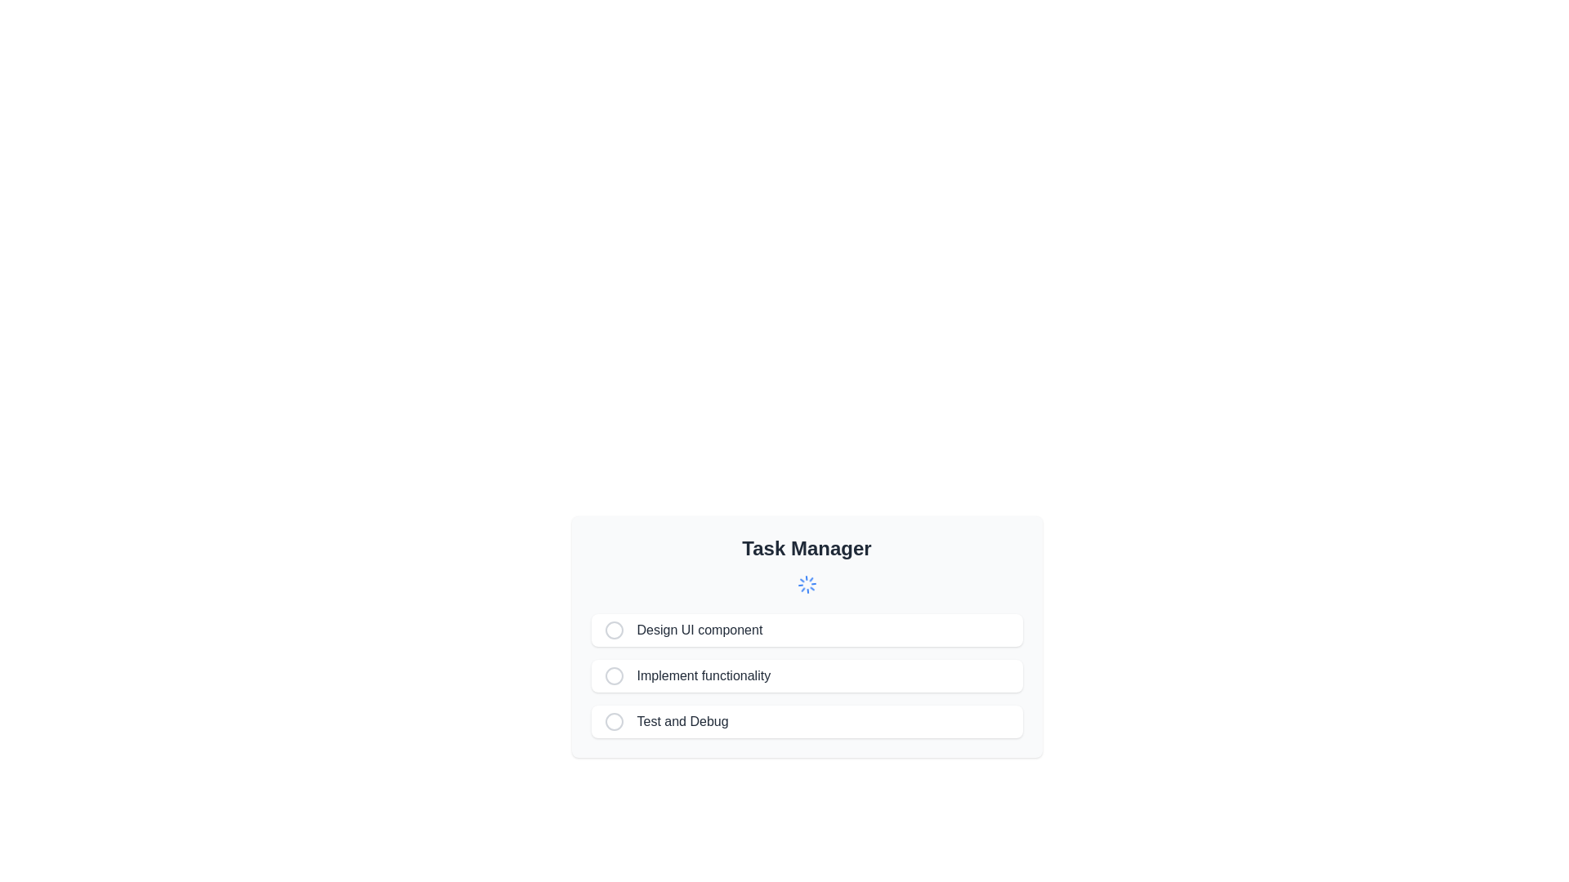 Image resolution: width=1569 pixels, height=882 pixels. What do you see at coordinates (613, 720) in the screenshot?
I see `the third selectable radio button with a gray border located to the left of the text 'Test and Debug'` at bounding box center [613, 720].